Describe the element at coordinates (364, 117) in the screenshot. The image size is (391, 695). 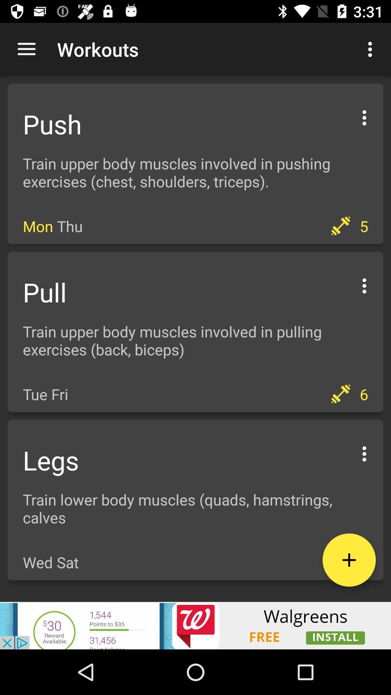
I see `see the options` at that location.